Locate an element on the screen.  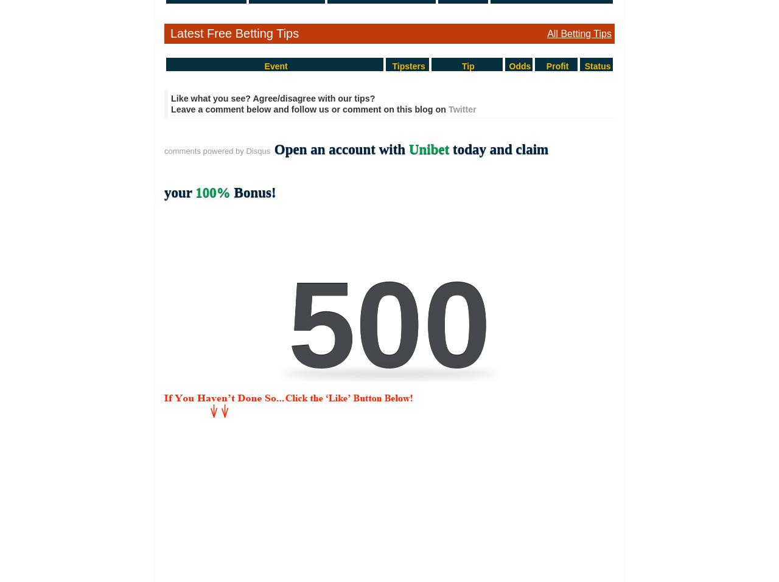
'Bonus!' is located at coordinates (252, 192).